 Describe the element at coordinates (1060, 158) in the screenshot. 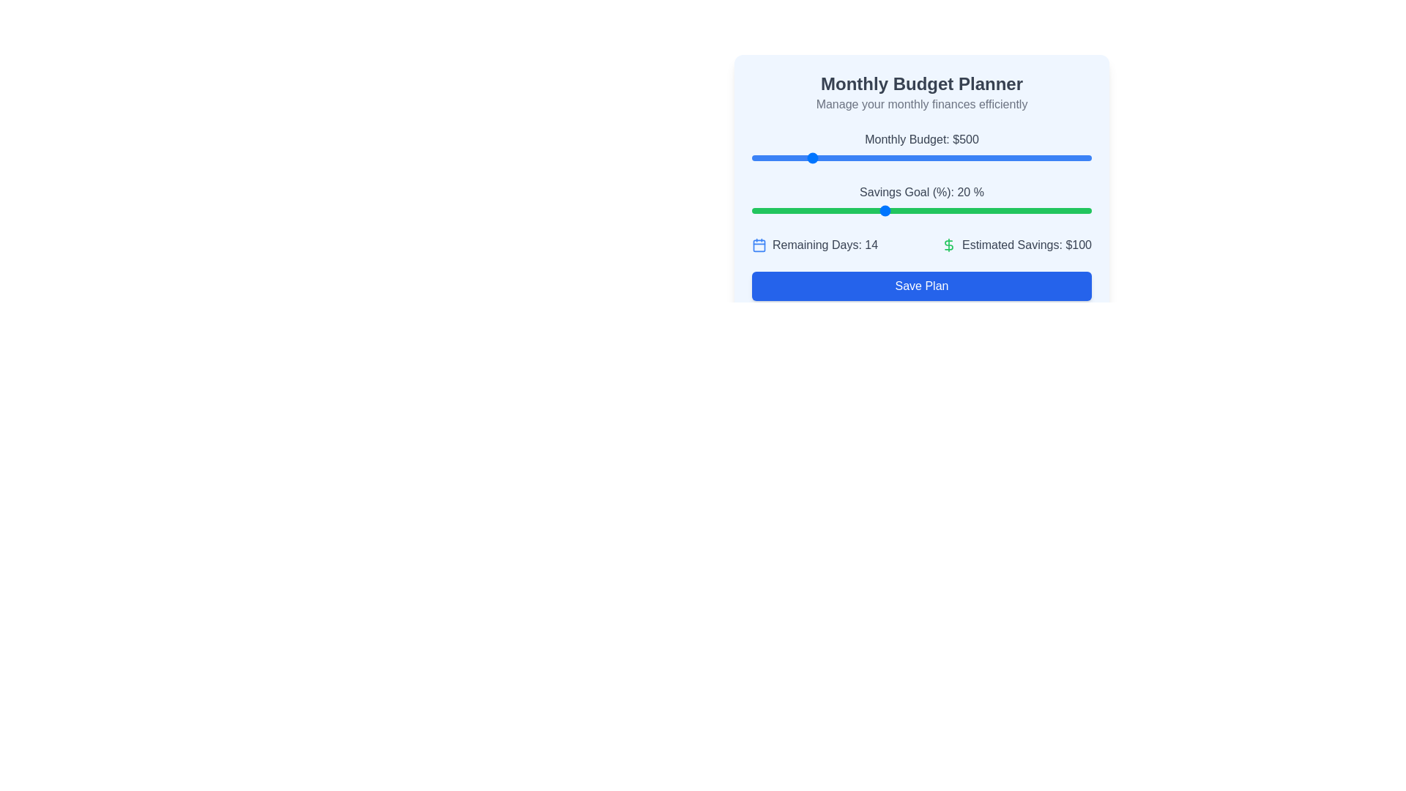

I see `the budget` at that location.